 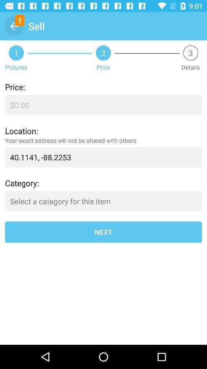 What do you see at coordinates (103, 201) in the screenshot?
I see `select a category item` at bounding box center [103, 201].